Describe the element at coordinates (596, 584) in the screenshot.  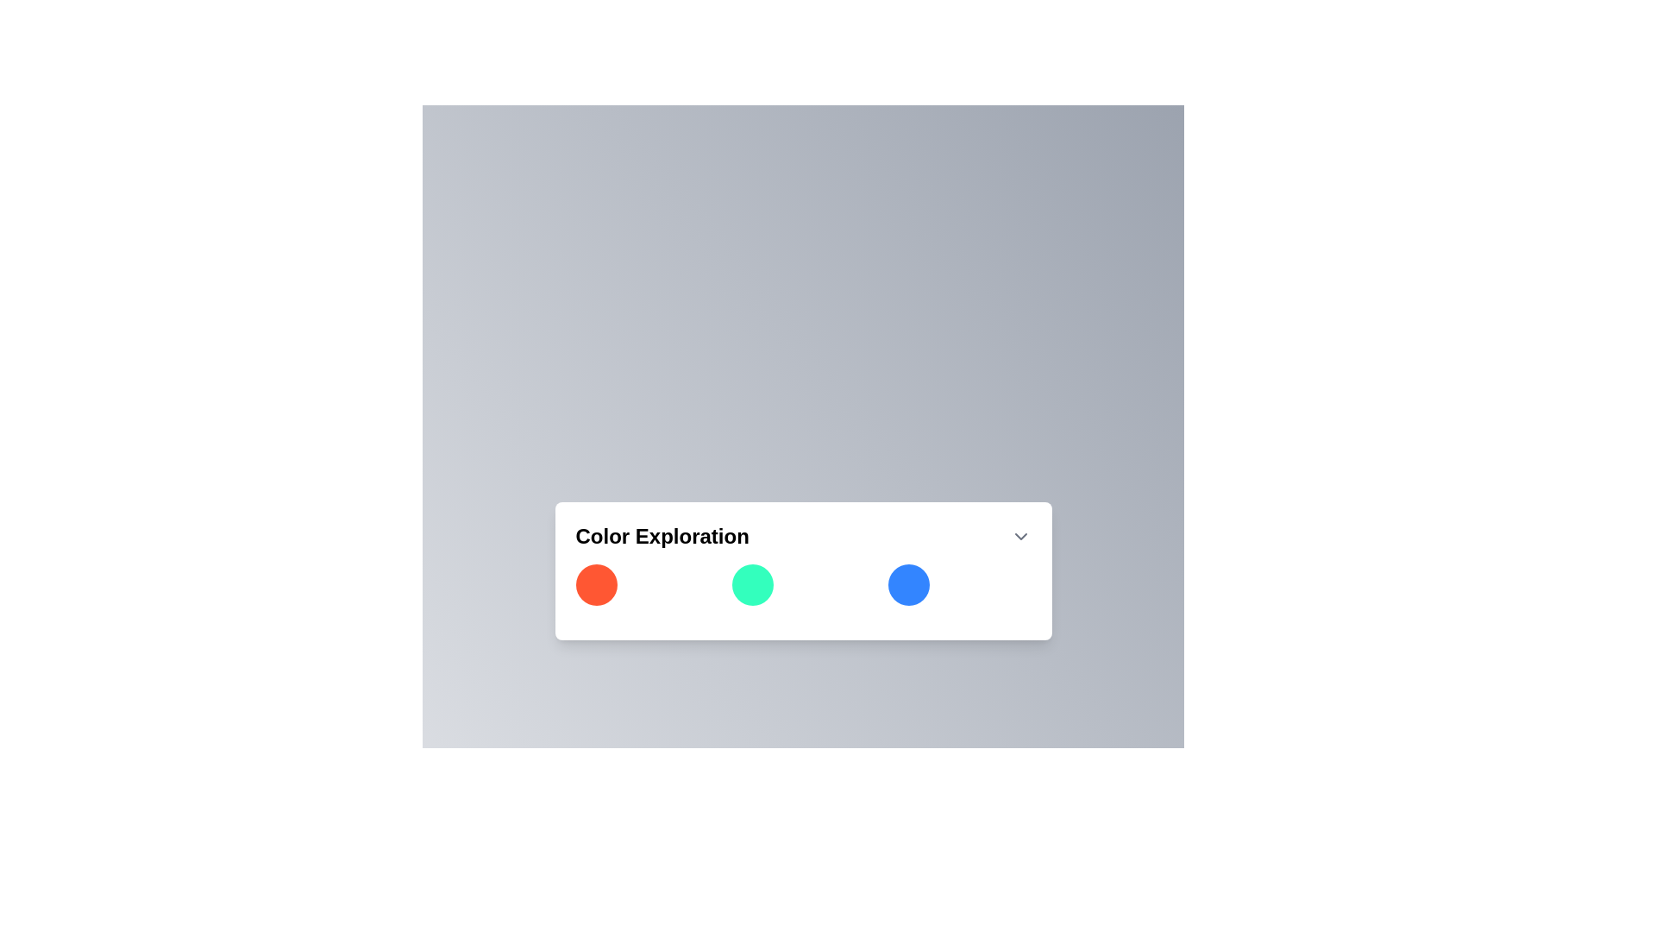
I see `the circular button that represents the color orange, located in the top-left corner of the grid layout under the 'Color Exploration' title` at that location.